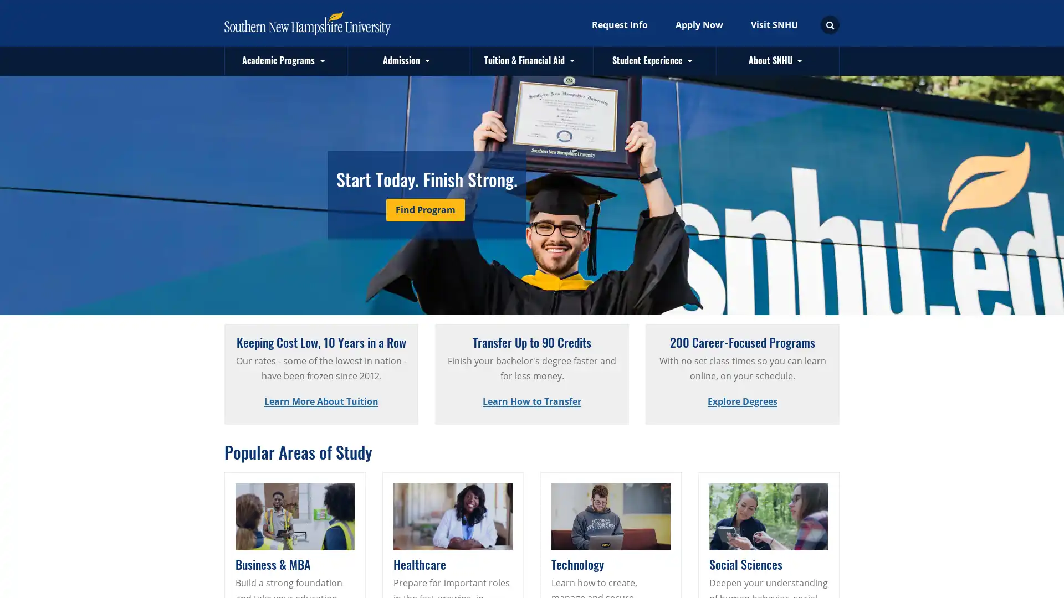  What do you see at coordinates (742, 401) in the screenshot?
I see `Explore Degrees` at bounding box center [742, 401].